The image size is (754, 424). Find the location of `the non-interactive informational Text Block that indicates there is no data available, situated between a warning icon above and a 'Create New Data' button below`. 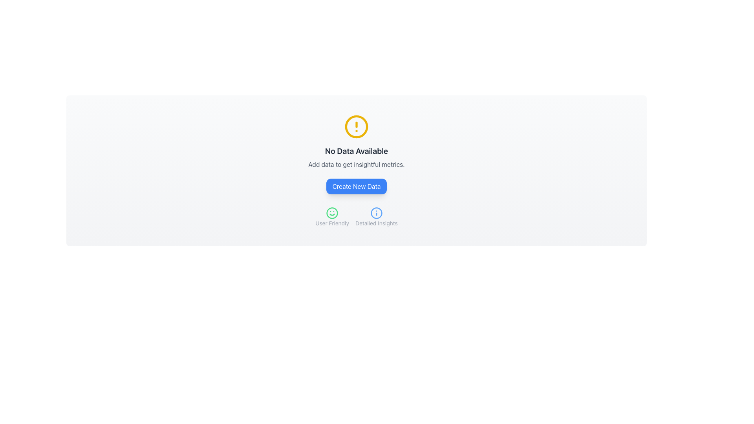

the non-interactive informational Text Block that indicates there is no data available, situated between a warning icon above and a 'Create New Data' button below is located at coordinates (356, 157).